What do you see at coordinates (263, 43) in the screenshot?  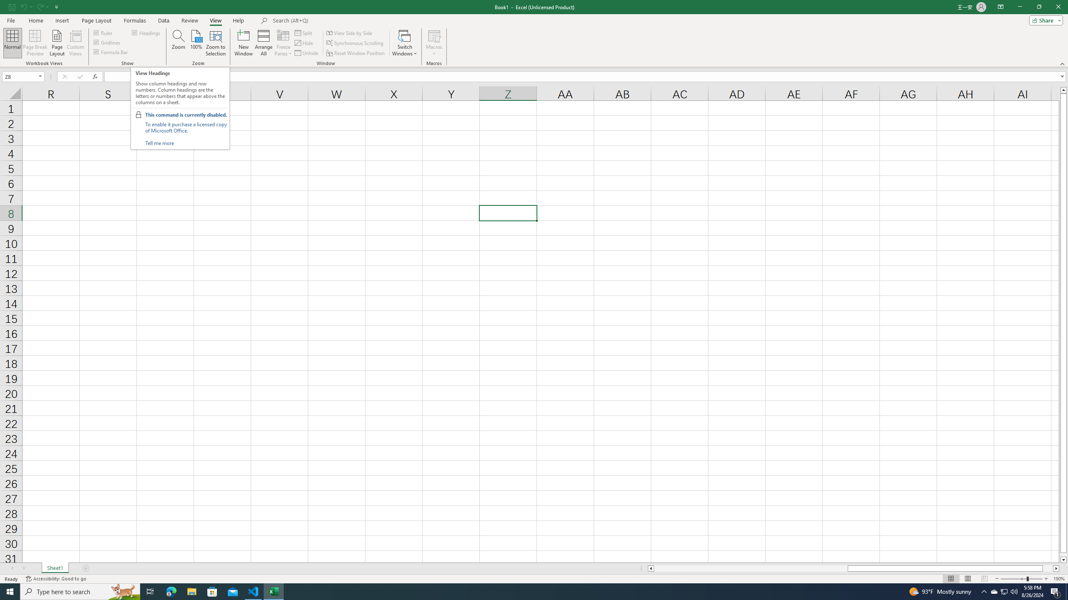 I see `'Arrange All'` at bounding box center [263, 43].